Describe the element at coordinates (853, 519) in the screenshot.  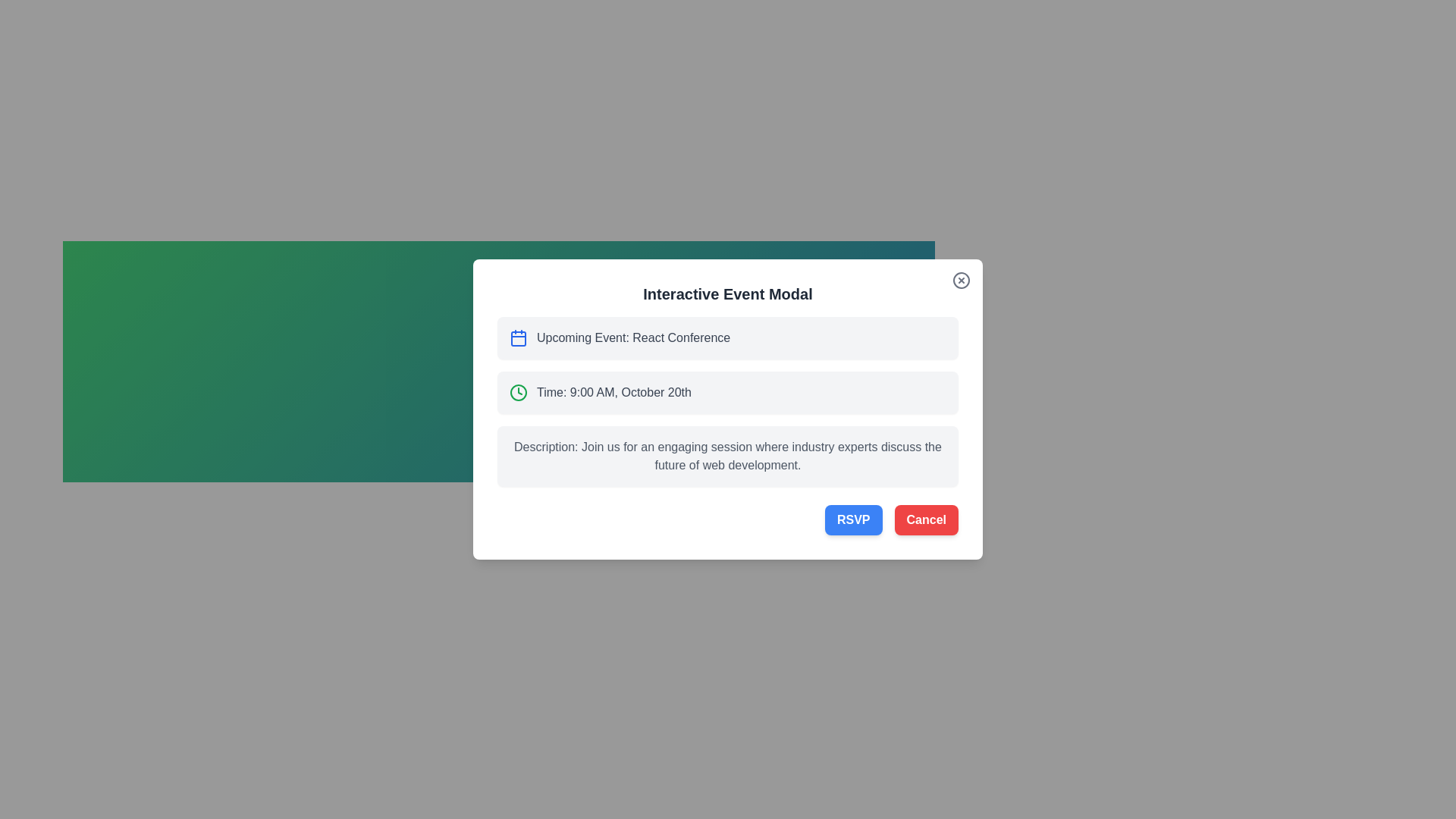
I see `the attendance confirmation button located at the bottom-right corner of the modal, which is the leftmost button in a group of two buttons` at that location.